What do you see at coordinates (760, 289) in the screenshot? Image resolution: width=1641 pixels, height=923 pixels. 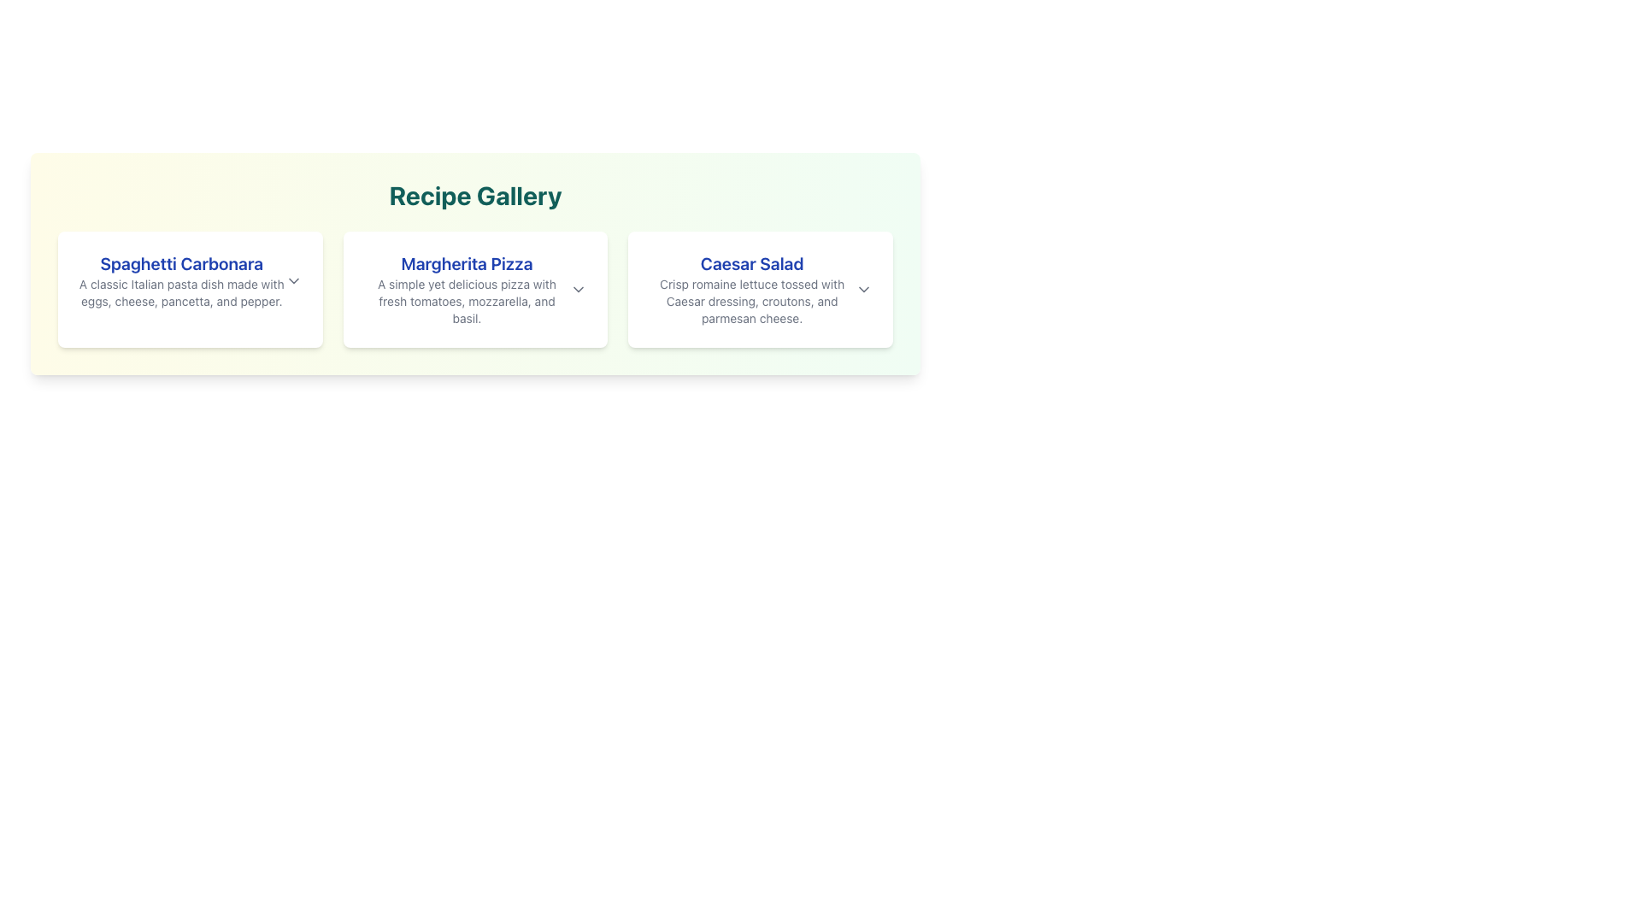 I see `the informational card displaying details about the 'Caesar Salad' in the Recipe Gallery section` at bounding box center [760, 289].